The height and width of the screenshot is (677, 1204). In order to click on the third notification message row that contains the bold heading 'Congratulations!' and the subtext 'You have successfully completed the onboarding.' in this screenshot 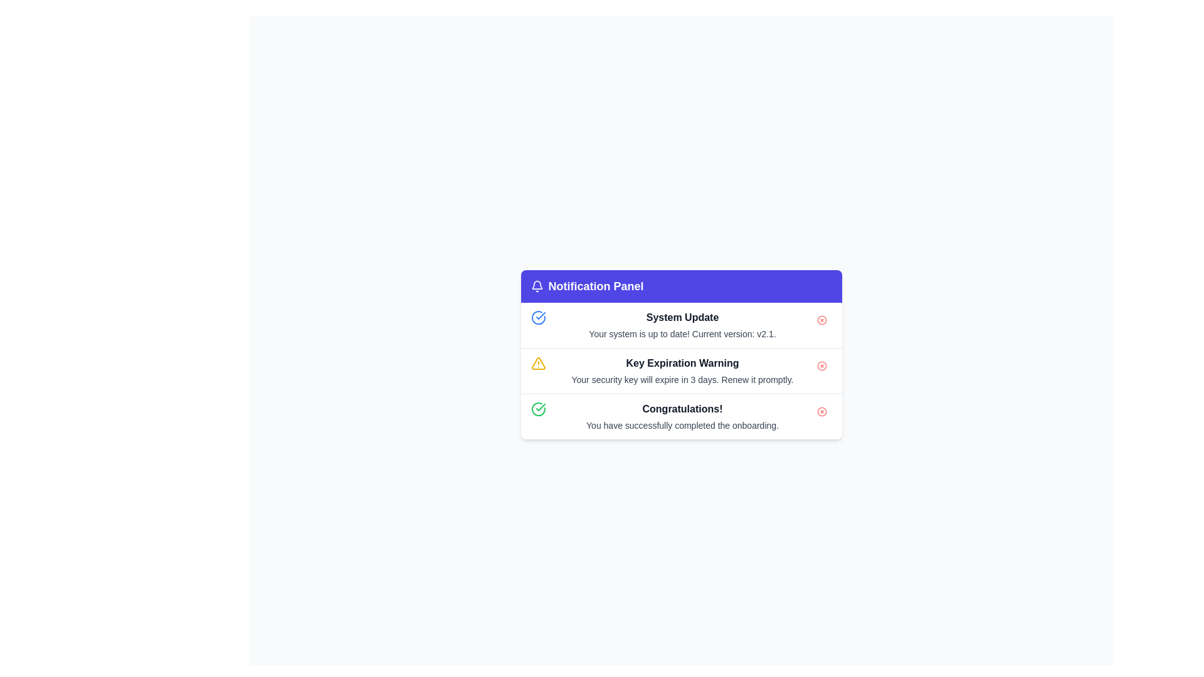, I will do `click(680, 416)`.